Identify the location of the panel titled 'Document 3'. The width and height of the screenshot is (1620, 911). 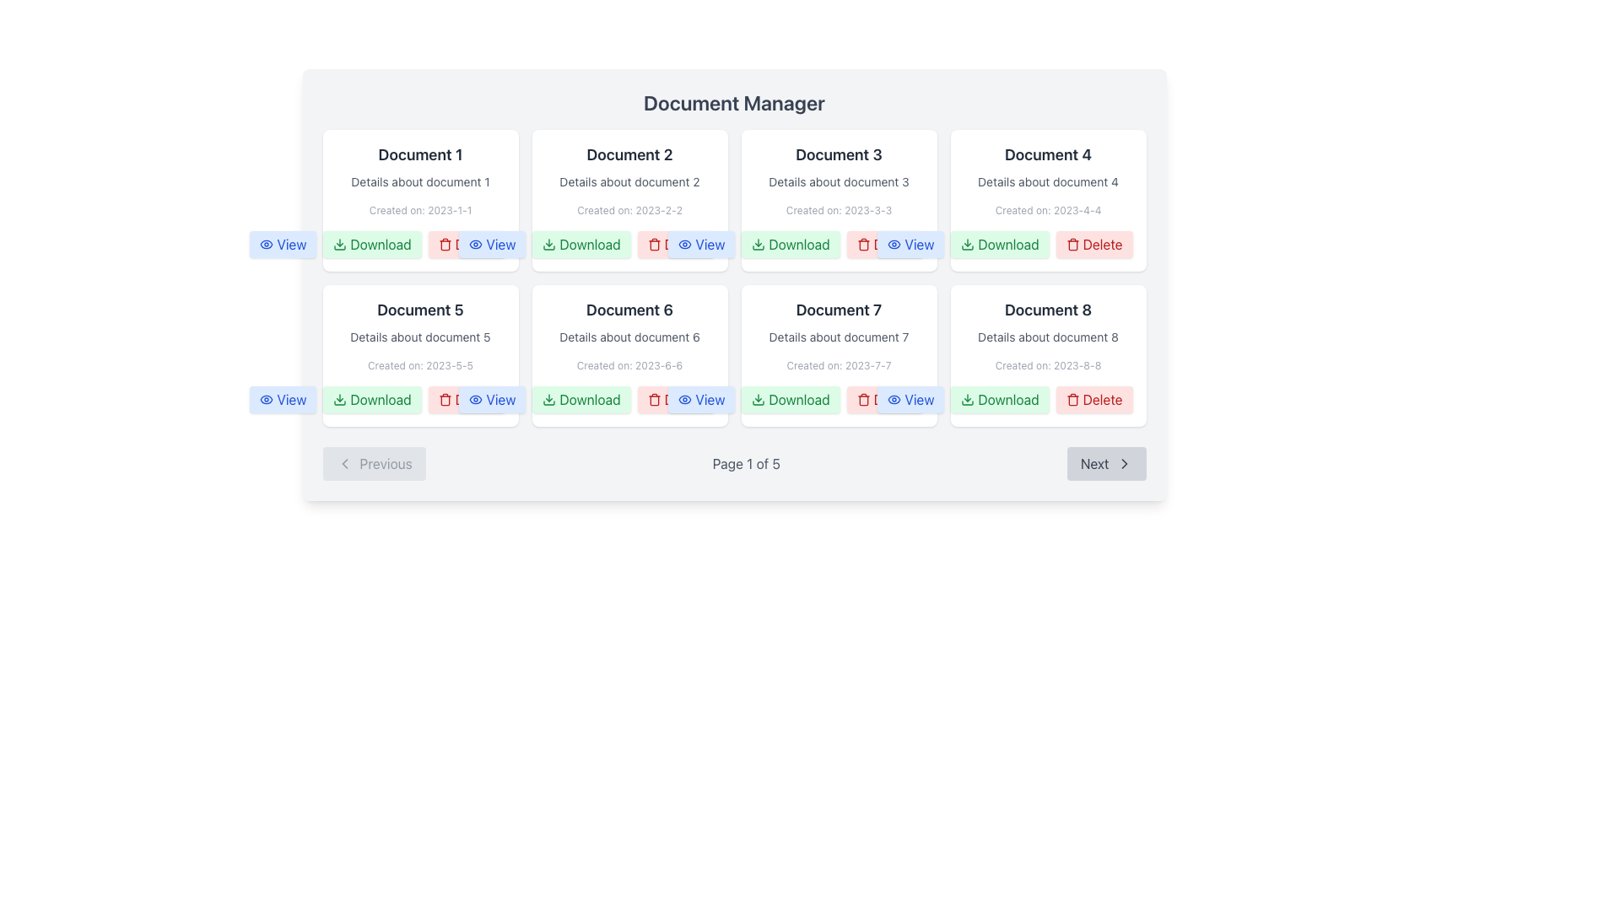
(839, 200).